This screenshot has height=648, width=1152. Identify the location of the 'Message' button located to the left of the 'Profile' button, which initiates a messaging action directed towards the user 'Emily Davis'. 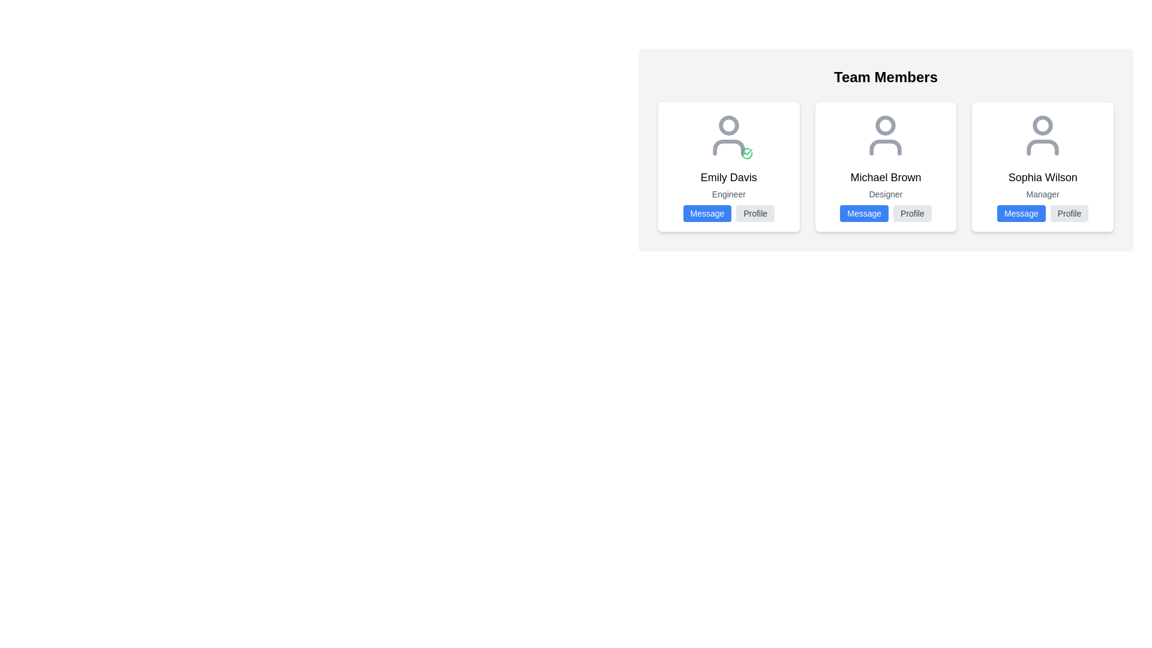
(707, 212).